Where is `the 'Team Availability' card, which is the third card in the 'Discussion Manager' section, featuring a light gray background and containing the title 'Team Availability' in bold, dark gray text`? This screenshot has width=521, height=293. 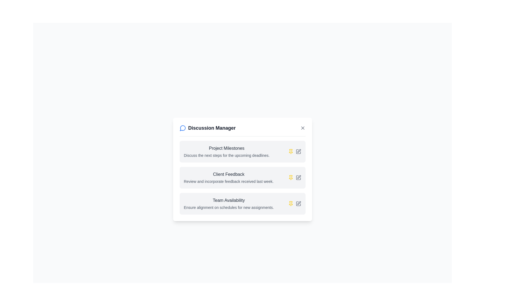 the 'Team Availability' card, which is the third card in the 'Discussion Manager' section, featuring a light gray background and containing the title 'Team Availability' in bold, dark gray text is located at coordinates (242, 203).